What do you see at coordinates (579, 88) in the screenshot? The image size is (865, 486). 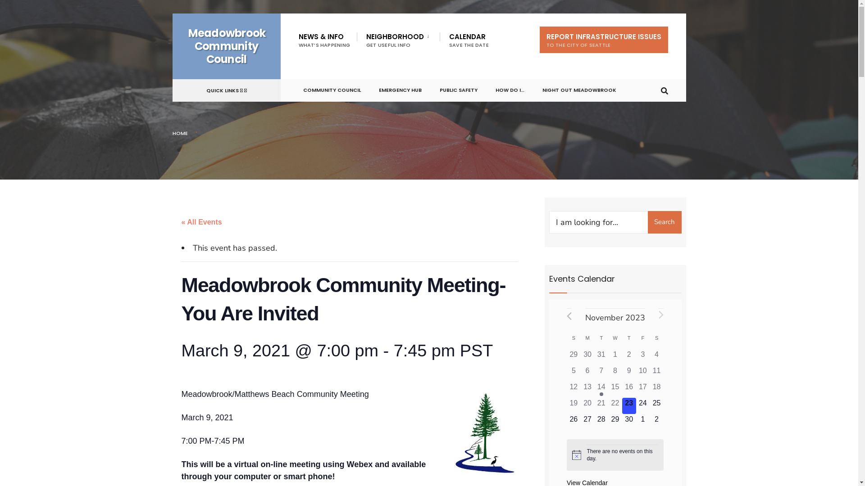 I see `'NIGHT OUT MEADOWBROOK'` at bounding box center [579, 88].